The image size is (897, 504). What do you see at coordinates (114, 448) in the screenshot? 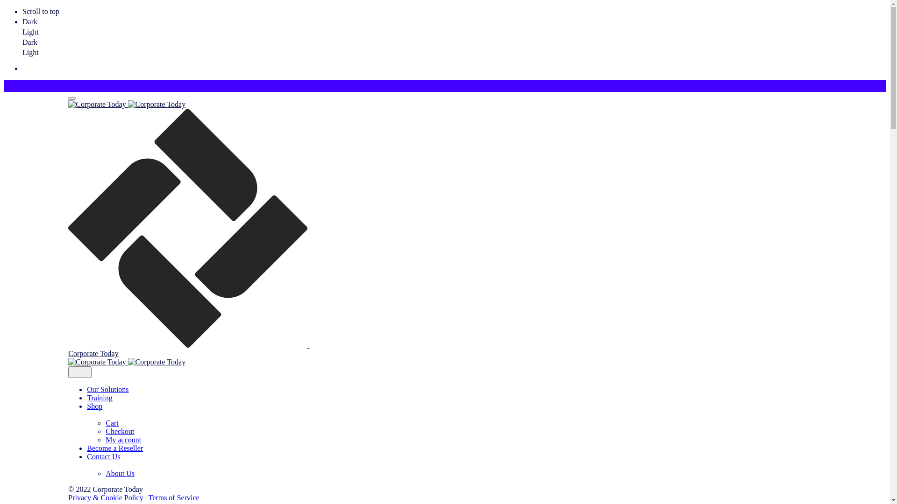
I see `'Become a Reseller'` at bounding box center [114, 448].